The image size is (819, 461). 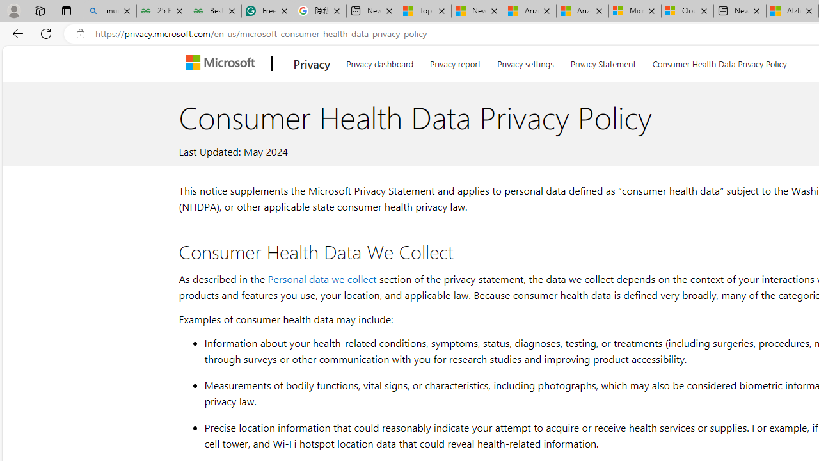 What do you see at coordinates (322, 278) in the screenshot?
I see `'Personal data we collect'` at bounding box center [322, 278].